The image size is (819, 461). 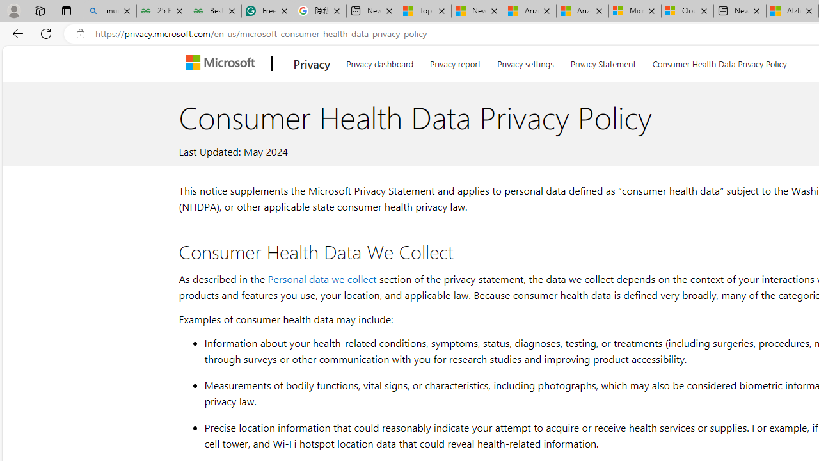 What do you see at coordinates (322, 278) in the screenshot?
I see `'Personal data we collect'` at bounding box center [322, 278].